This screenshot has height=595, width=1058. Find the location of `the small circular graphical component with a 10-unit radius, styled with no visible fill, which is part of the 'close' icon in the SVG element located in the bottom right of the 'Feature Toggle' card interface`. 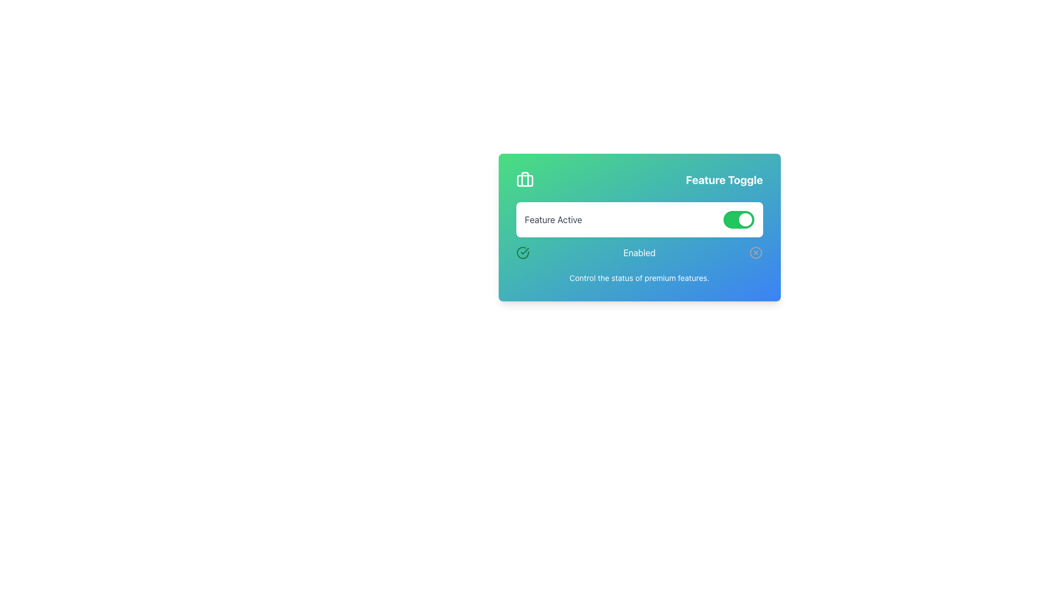

the small circular graphical component with a 10-unit radius, styled with no visible fill, which is part of the 'close' icon in the SVG element located in the bottom right of the 'Feature Toggle' card interface is located at coordinates (755, 253).